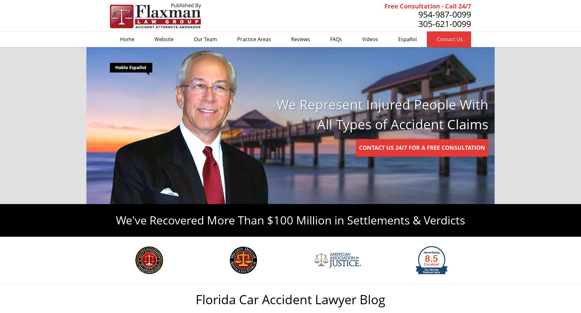  What do you see at coordinates (254, 39) in the screenshot?
I see `'Practice Areas'` at bounding box center [254, 39].